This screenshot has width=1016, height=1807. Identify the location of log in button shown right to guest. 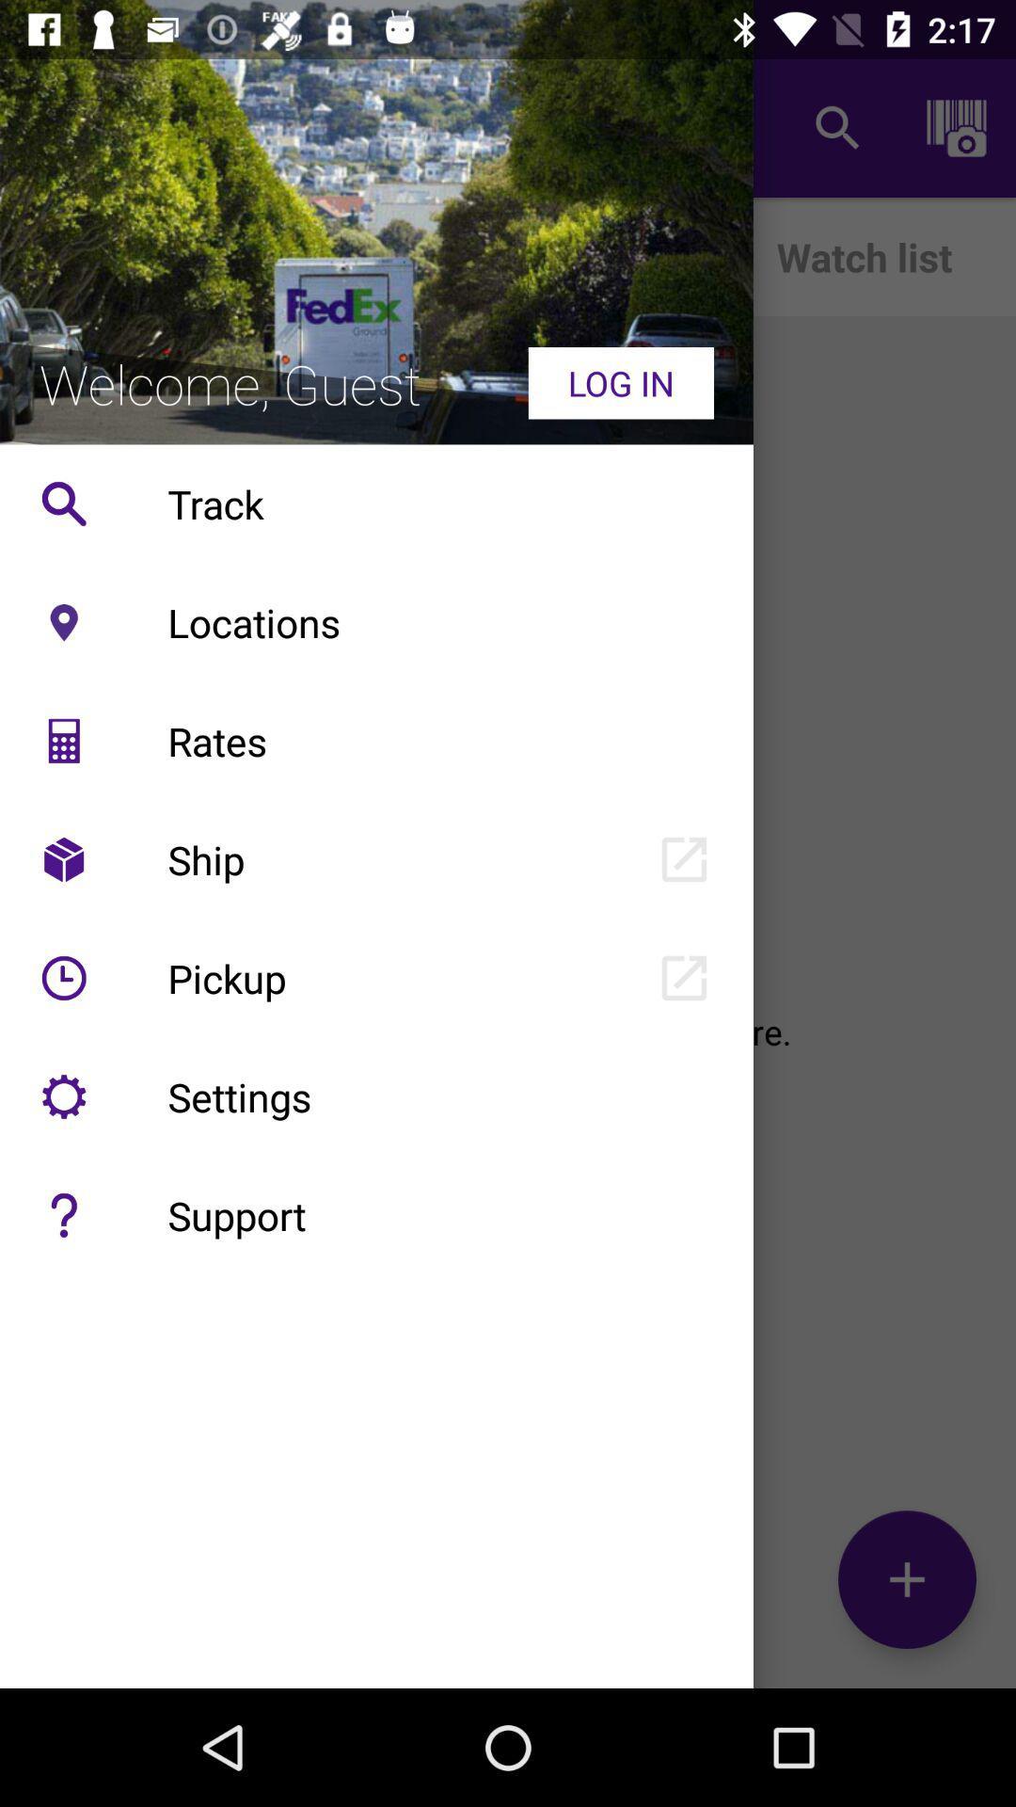
(621, 382).